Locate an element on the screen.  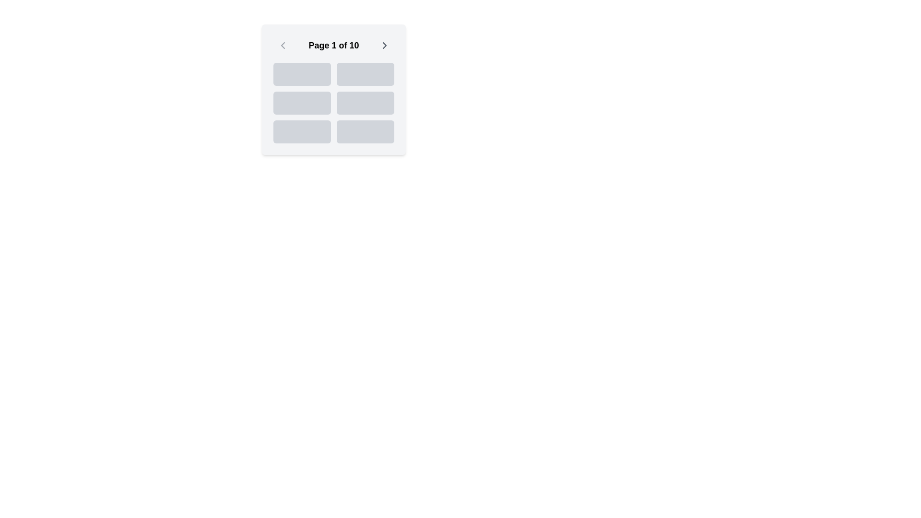
the rectangular light gray button with rounded corners located in the third row and first column of the grid layout is located at coordinates (301, 131).